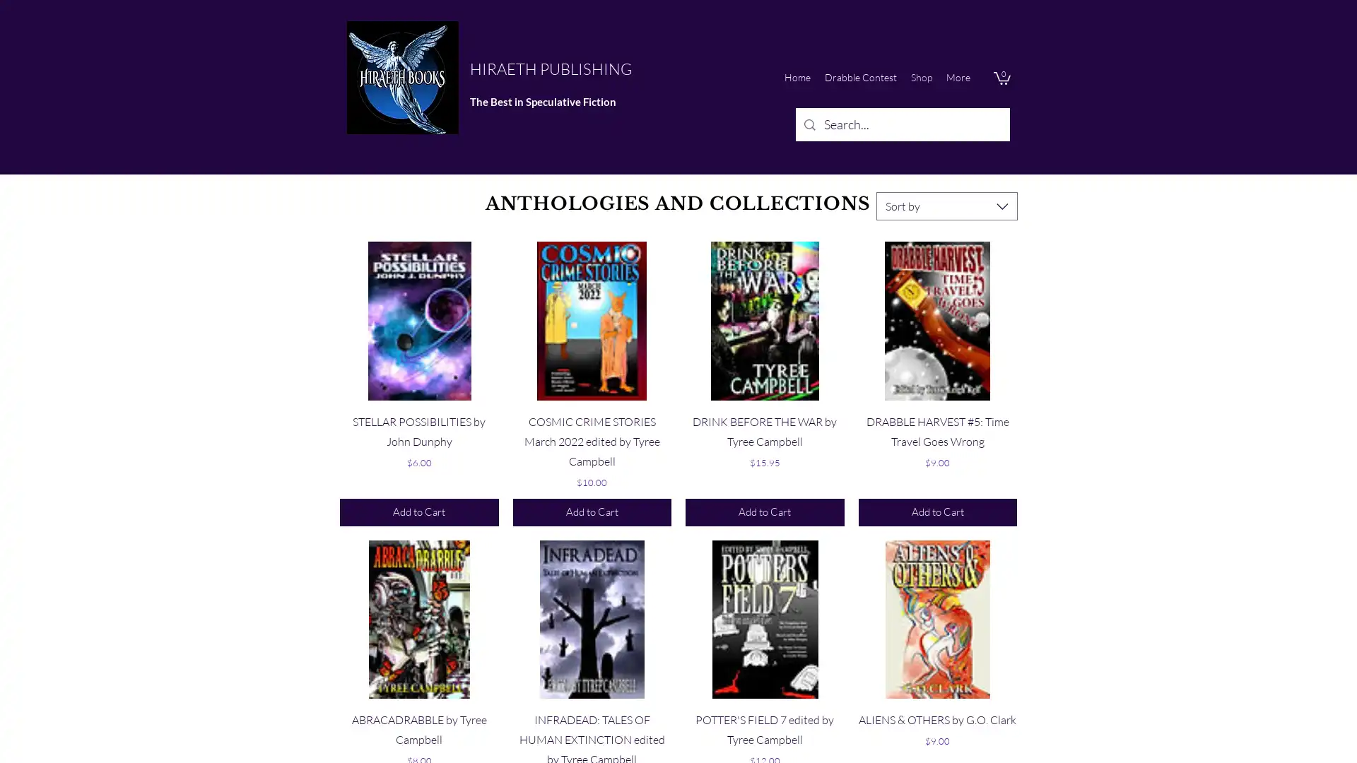  I want to click on Cart with 0 items, so click(1001, 78).